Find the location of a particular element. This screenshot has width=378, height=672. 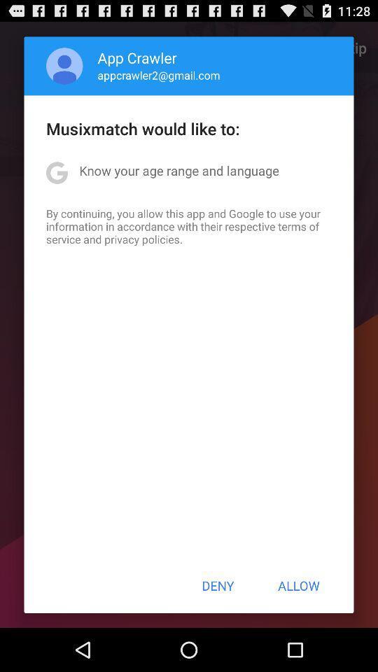

icon next to app crawler app is located at coordinates (64, 66).